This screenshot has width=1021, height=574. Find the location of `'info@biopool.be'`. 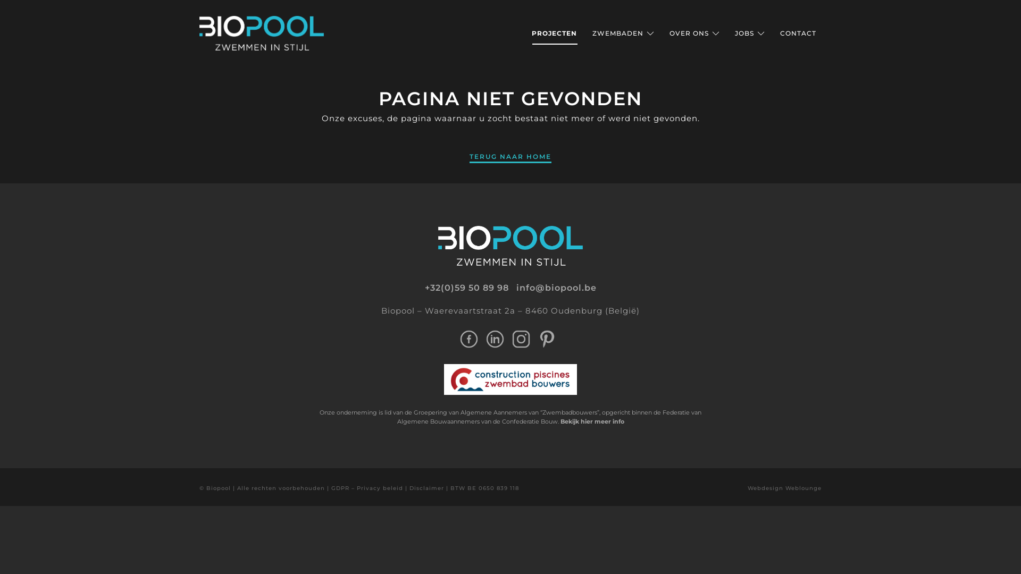

'info@biopool.be' is located at coordinates (555, 288).